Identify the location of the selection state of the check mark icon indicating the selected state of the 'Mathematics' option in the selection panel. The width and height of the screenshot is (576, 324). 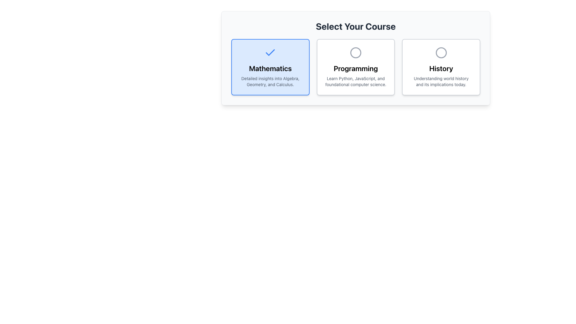
(270, 52).